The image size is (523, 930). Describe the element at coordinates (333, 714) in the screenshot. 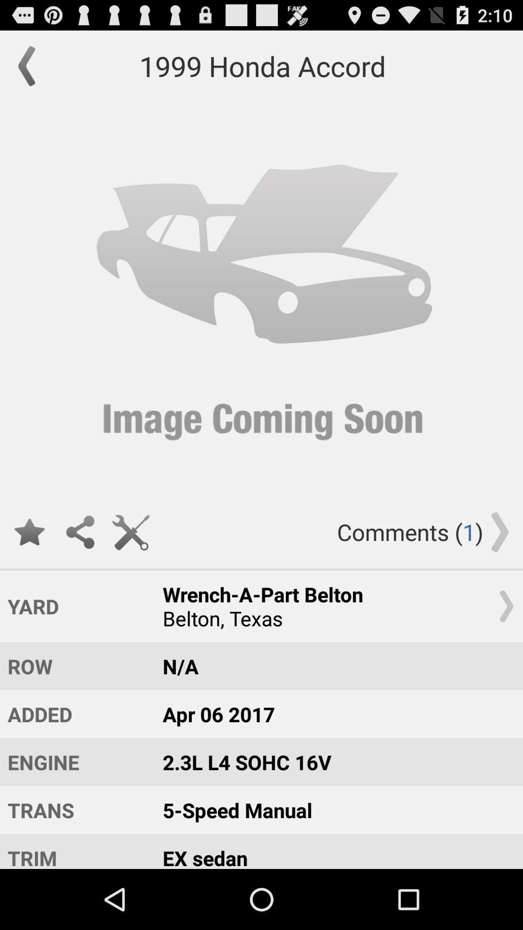

I see `apr 06 2017 item` at that location.